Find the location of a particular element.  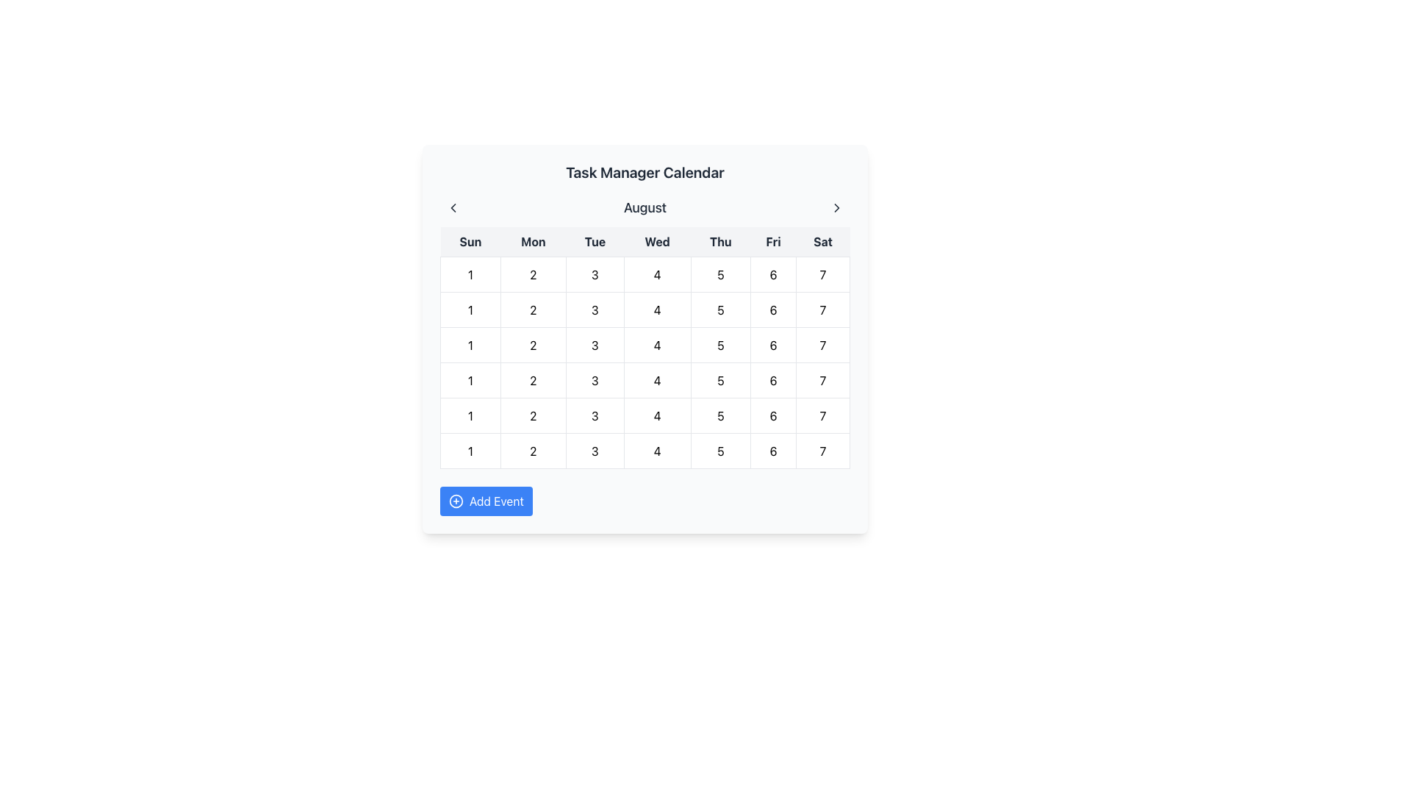

the date '2' in the calendar located in the second cell of the first row is located at coordinates (532, 309).